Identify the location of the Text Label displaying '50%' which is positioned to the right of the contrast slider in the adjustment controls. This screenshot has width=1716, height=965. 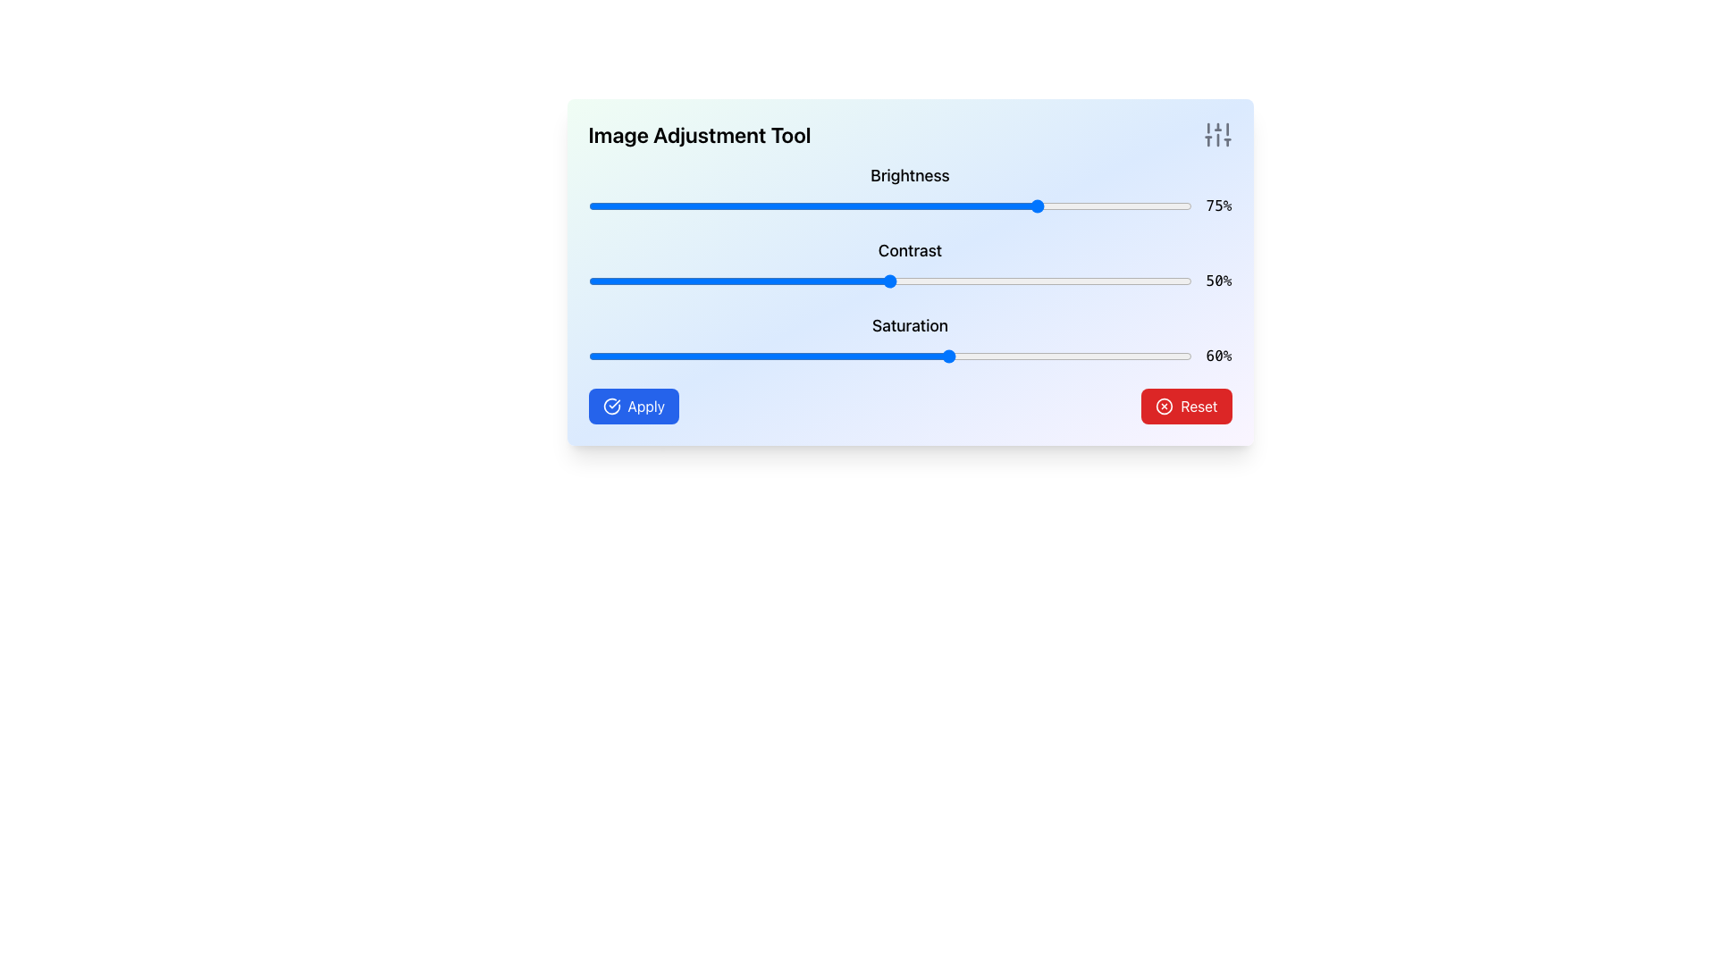
(1217, 281).